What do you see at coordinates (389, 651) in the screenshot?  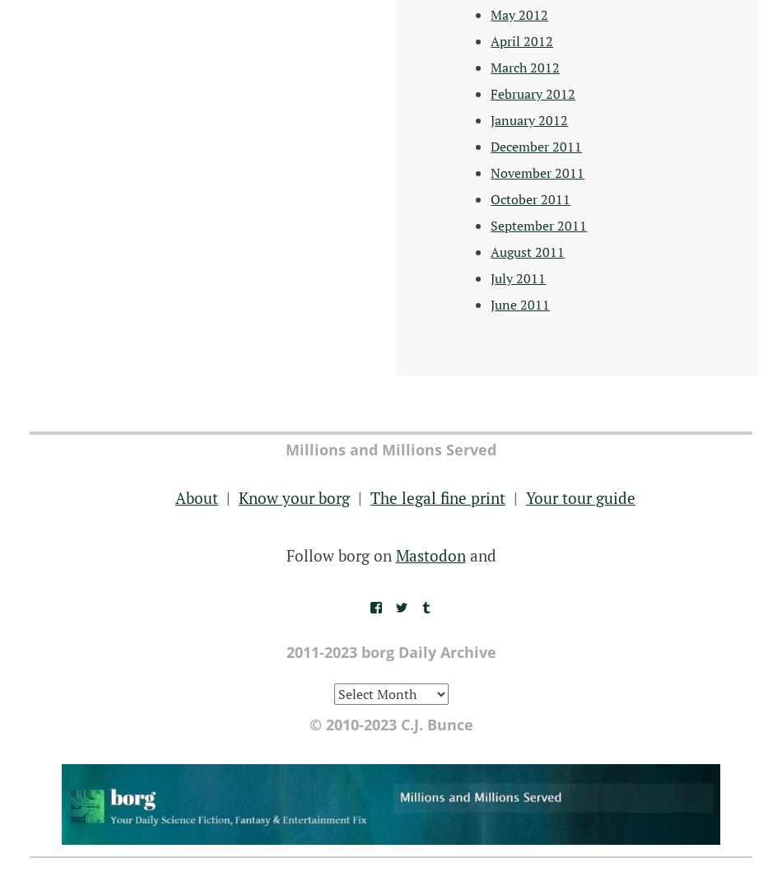 I see `'2011-2023 borg Daily Archive'` at bounding box center [389, 651].